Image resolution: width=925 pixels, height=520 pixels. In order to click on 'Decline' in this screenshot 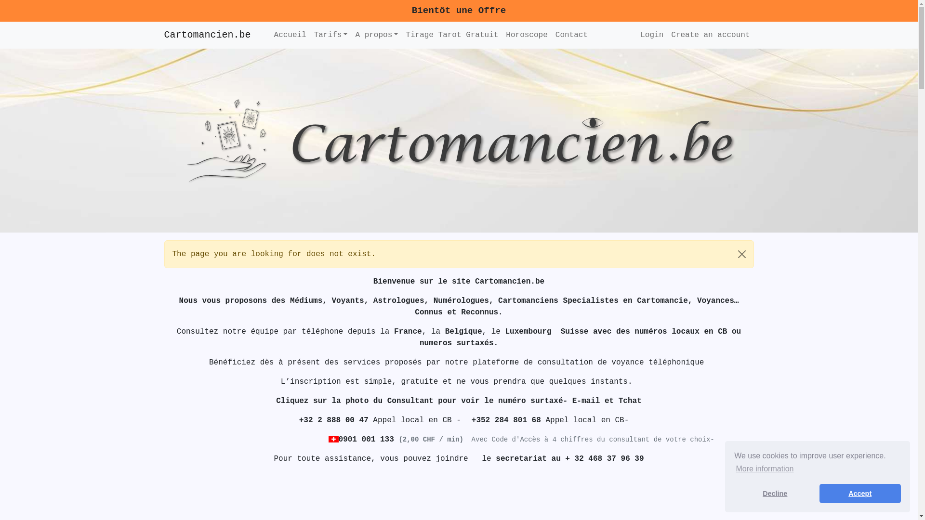, I will do `click(775, 494)`.